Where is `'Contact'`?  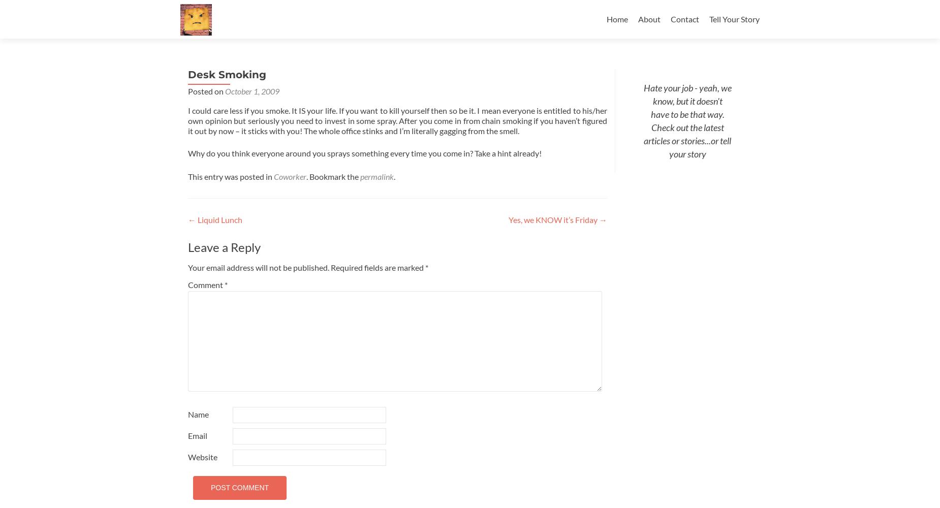 'Contact' is located at coordinates (684, 19).